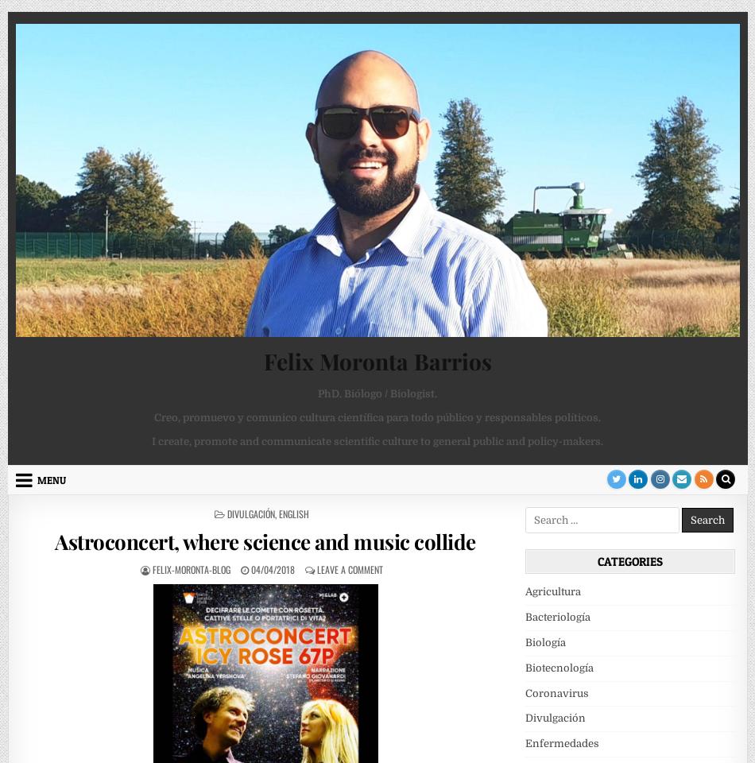  Describe the element at coordinates (629, 561) in the screenshot. I see `'Categories'` at that location.